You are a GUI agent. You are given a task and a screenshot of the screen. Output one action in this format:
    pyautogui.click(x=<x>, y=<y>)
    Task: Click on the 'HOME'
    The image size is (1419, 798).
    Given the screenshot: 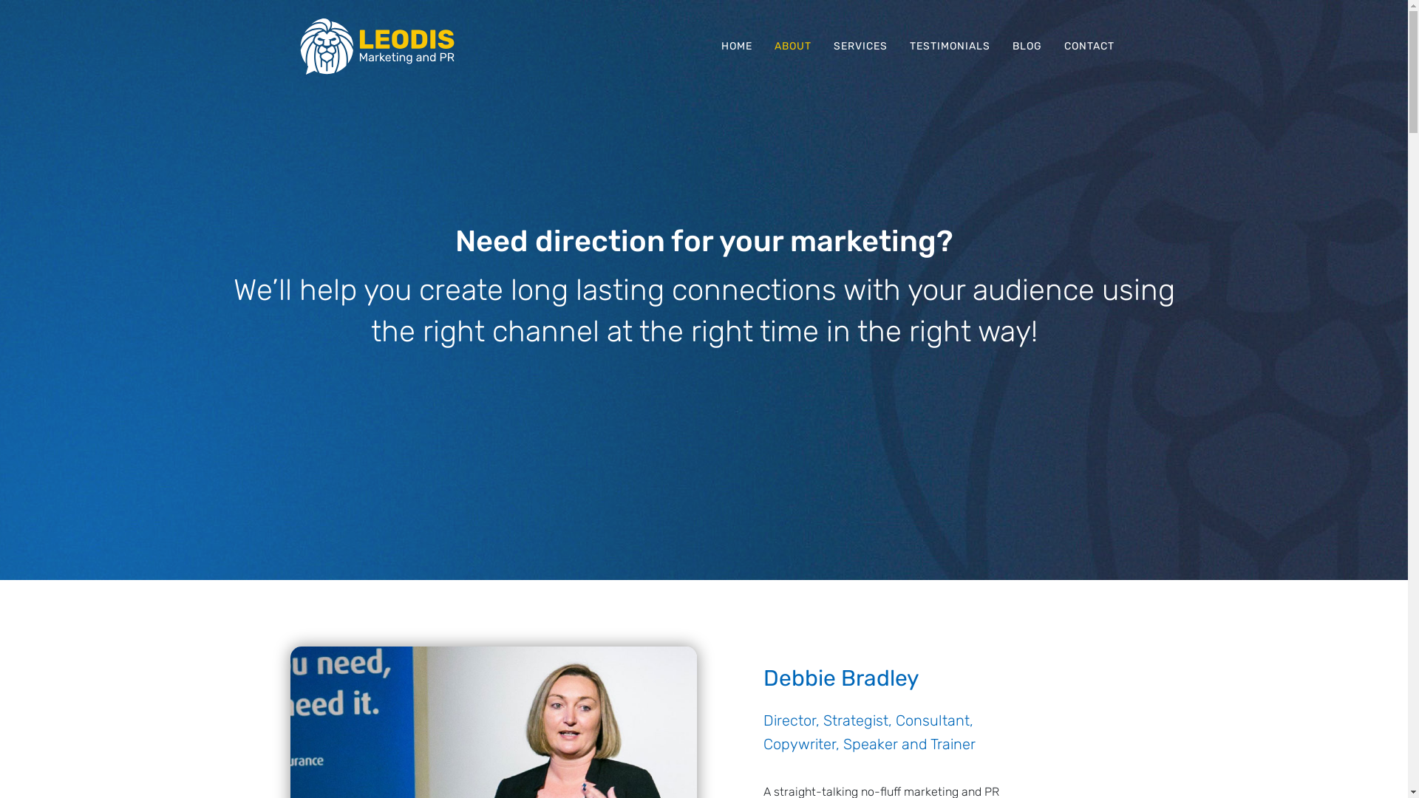 What is the action you would take?
    pyautogui.click(x=716, y=45)
    